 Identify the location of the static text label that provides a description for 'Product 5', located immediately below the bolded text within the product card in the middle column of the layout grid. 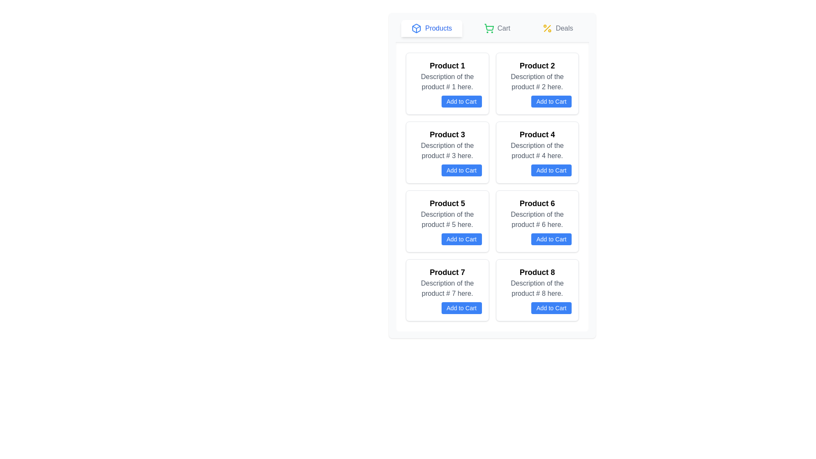
(447, 219).